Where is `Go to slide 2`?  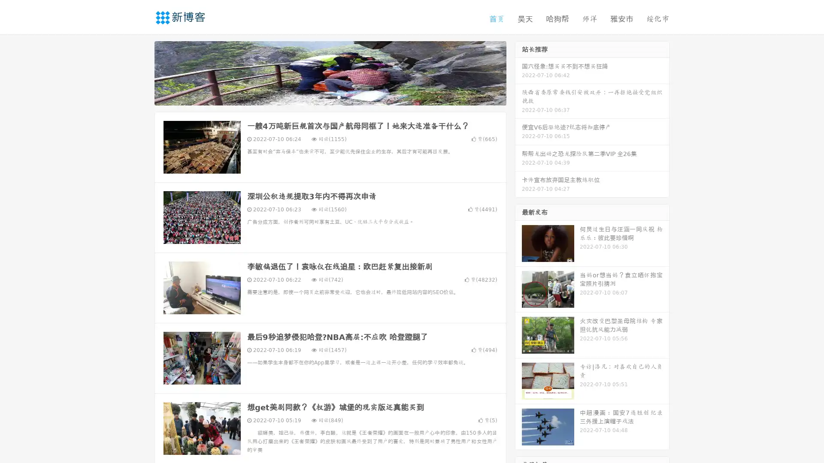 Go to slide 2 is located at coordinates (330, 96).